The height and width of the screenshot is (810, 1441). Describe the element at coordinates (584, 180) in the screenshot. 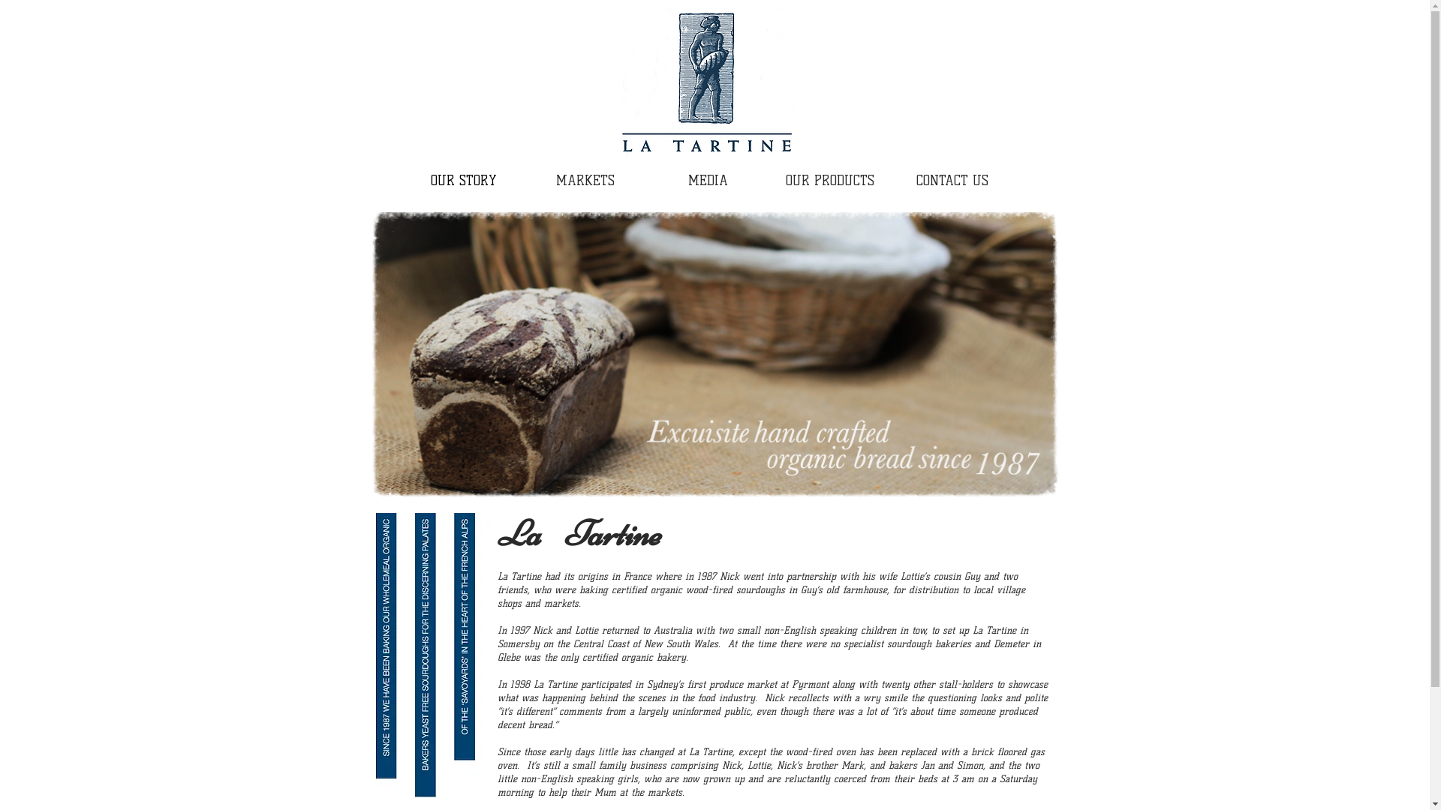

I see `'MARKETS'` at that location.